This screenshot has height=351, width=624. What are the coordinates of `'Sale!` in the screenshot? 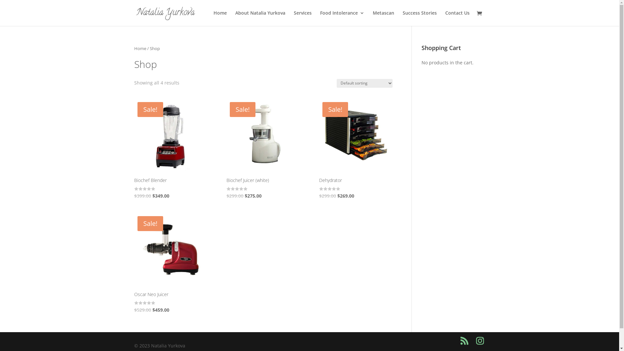 It's located at (355, 149).